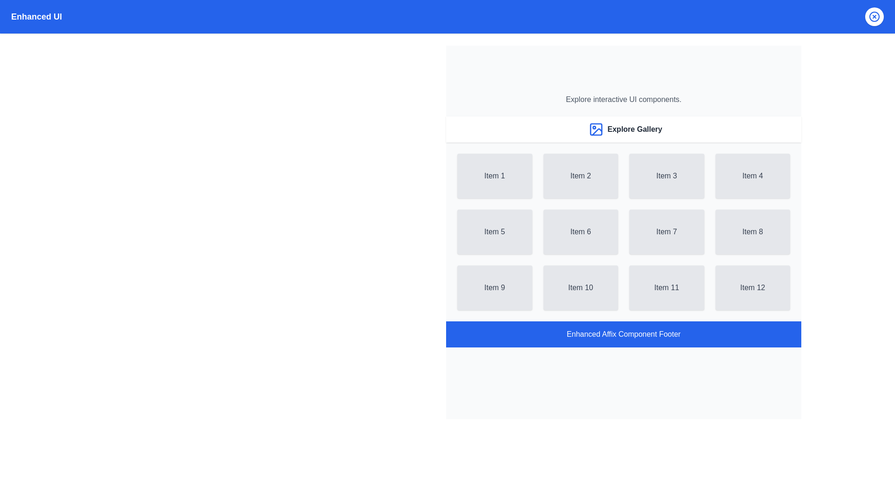  Describe the element at coordinates (624, 129) in the screenshot. I see `the button located at the top section of the interface, directly below the title` at that location.